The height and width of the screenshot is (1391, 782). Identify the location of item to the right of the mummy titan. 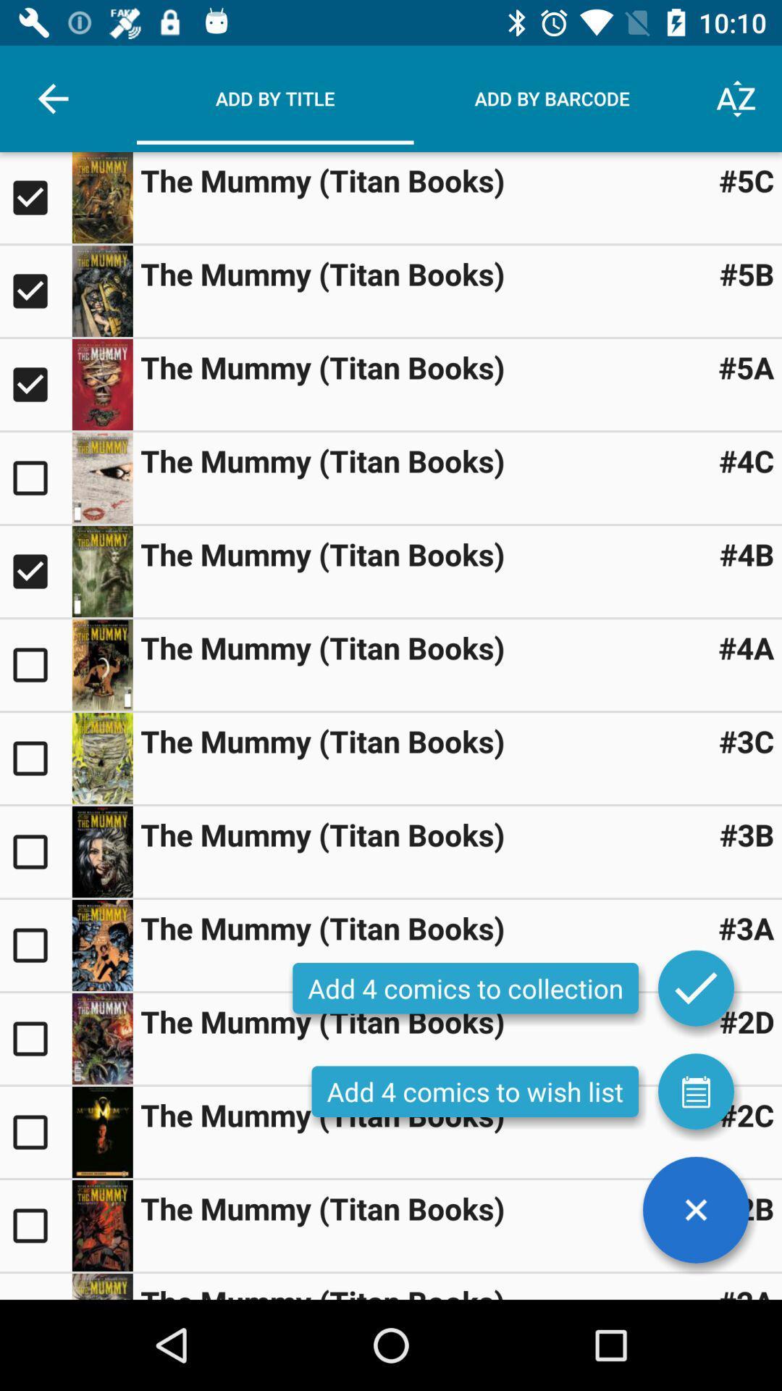
(747, 835).